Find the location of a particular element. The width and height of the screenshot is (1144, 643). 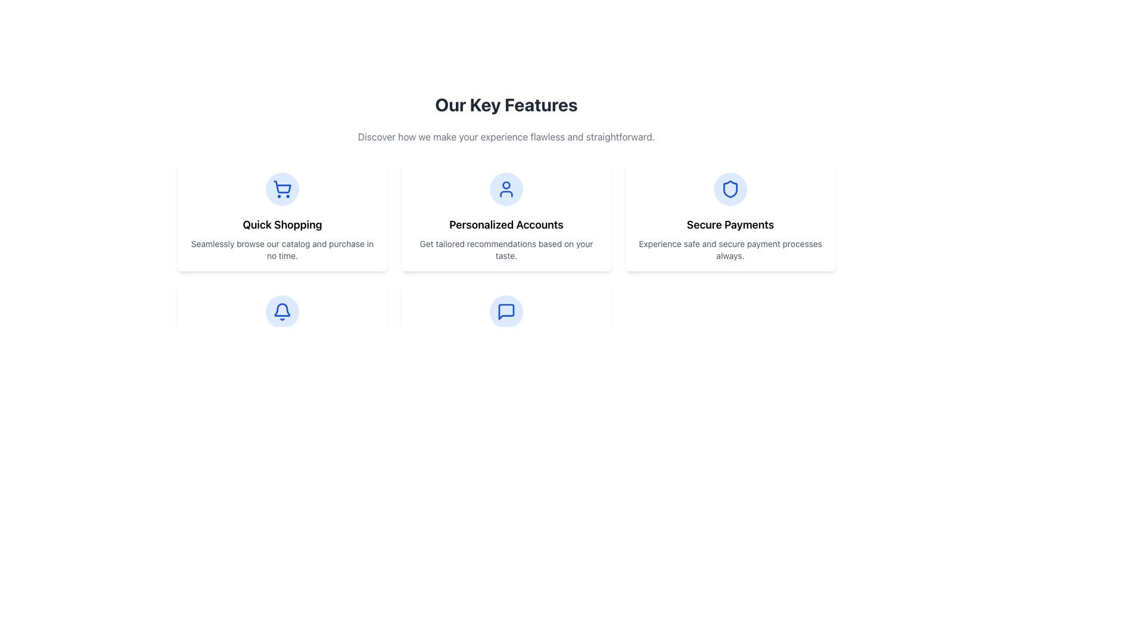

static text element containing the description 'Seamlessly browse our catalog and purchase in no time.' located below the 'Quick Shopping' title in the leftmost card of the feature sections is located at coordinates (282, 249).